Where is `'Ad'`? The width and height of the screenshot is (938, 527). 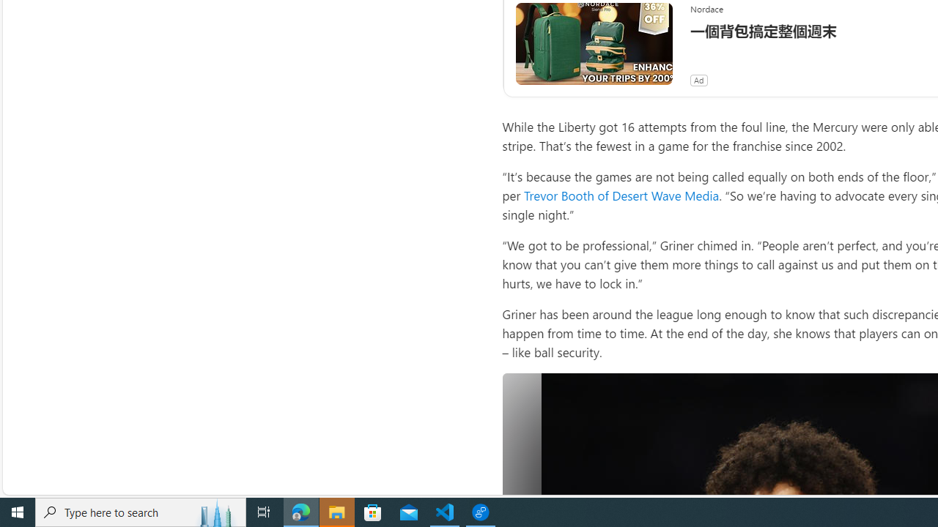 'Ad' is located at coordinates (698, 81).